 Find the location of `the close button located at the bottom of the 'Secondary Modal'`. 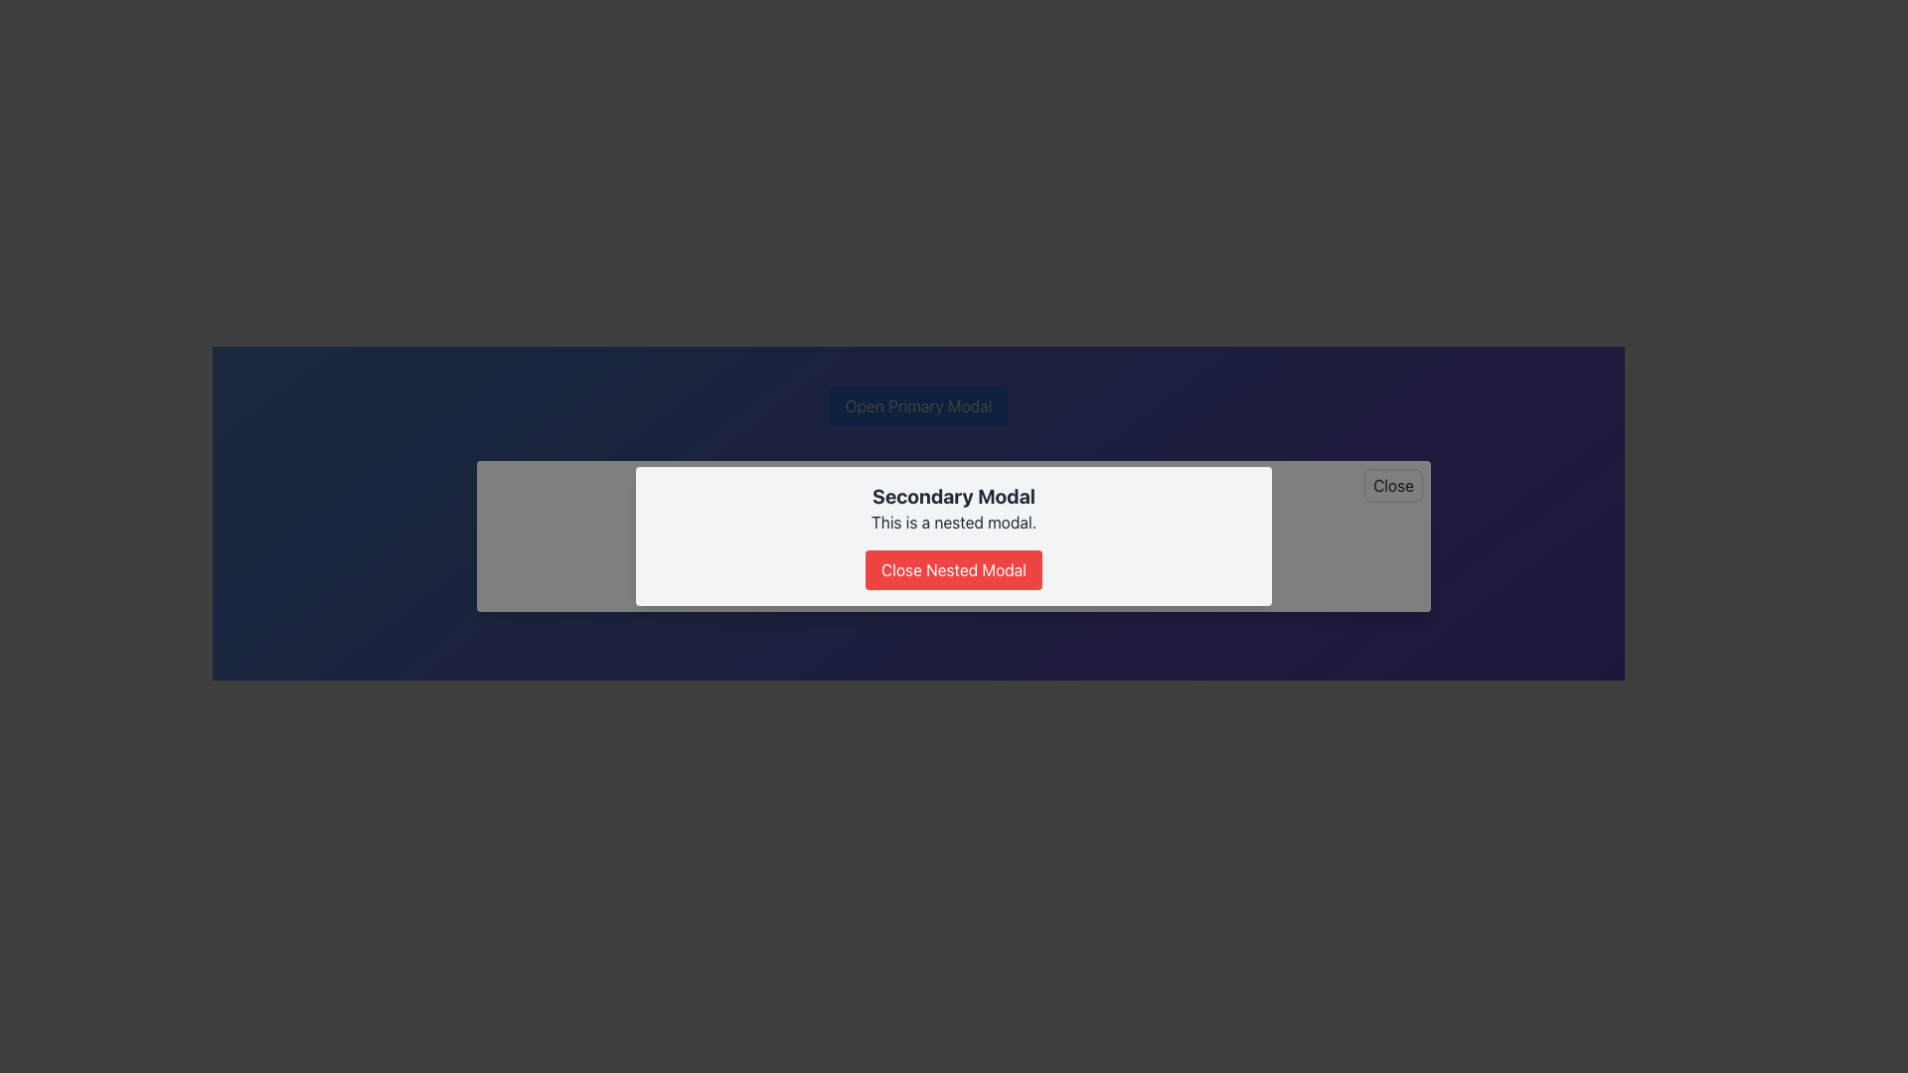

the close button located at the bottom of the 'Secondary Modal' is located at coordinates (954, 570).